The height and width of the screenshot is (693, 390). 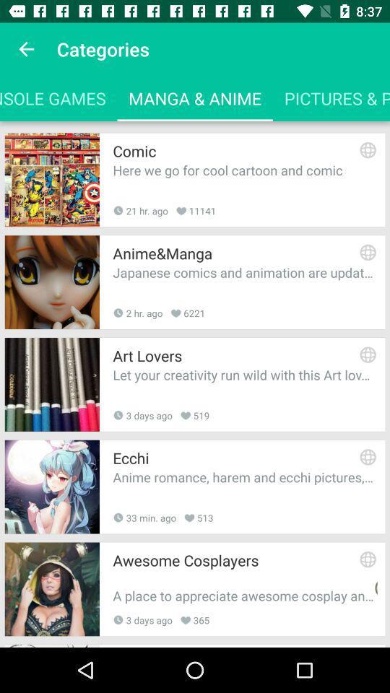 I want to click on the first image, so click(x=51, y=179).